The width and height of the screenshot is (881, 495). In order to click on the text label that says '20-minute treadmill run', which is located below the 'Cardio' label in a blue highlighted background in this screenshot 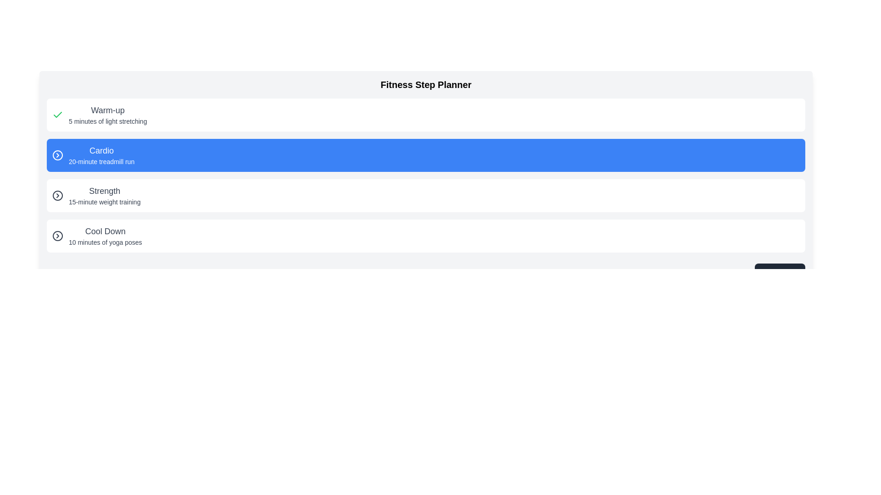, I will do `click(101, 161)`.